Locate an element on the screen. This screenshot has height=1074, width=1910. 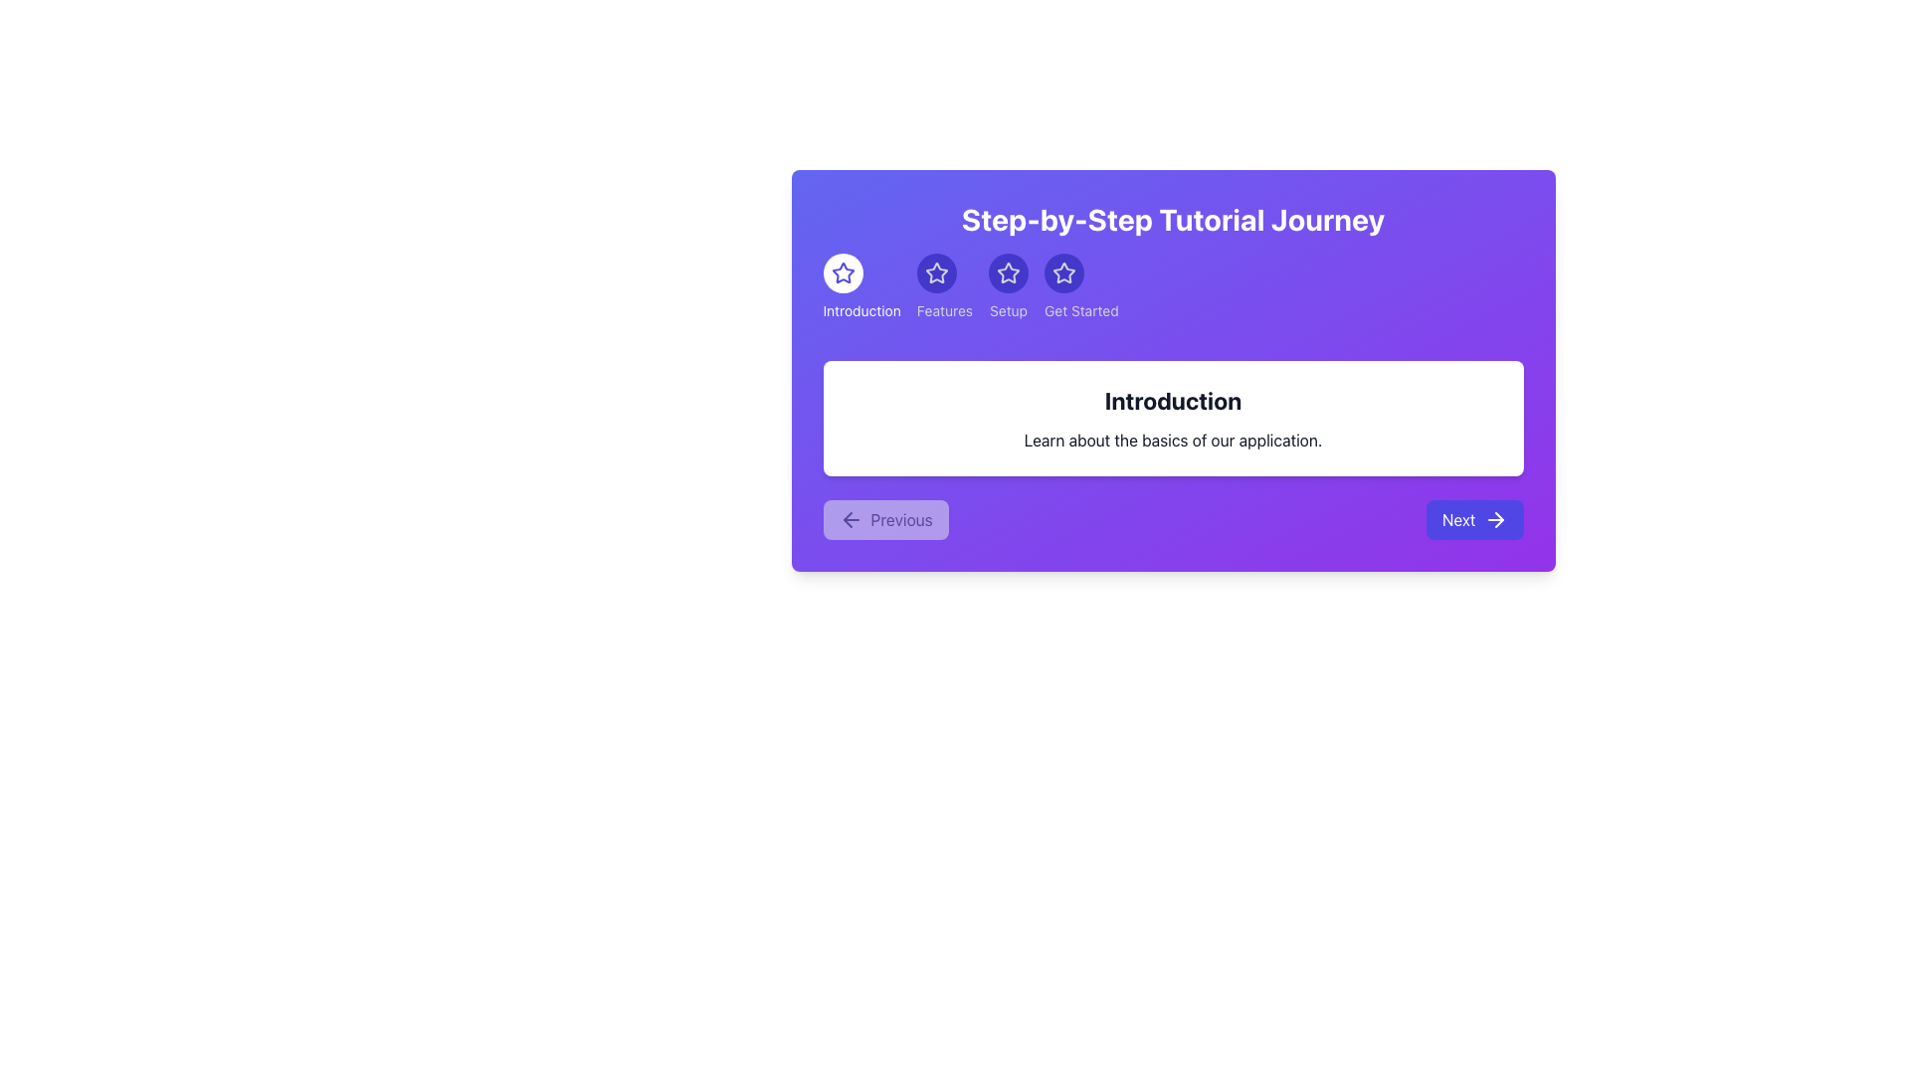
the icon positioned on the right side of the 'Next' button in the lower-right portion of the purple card area is located at coordinates (1495, 519).